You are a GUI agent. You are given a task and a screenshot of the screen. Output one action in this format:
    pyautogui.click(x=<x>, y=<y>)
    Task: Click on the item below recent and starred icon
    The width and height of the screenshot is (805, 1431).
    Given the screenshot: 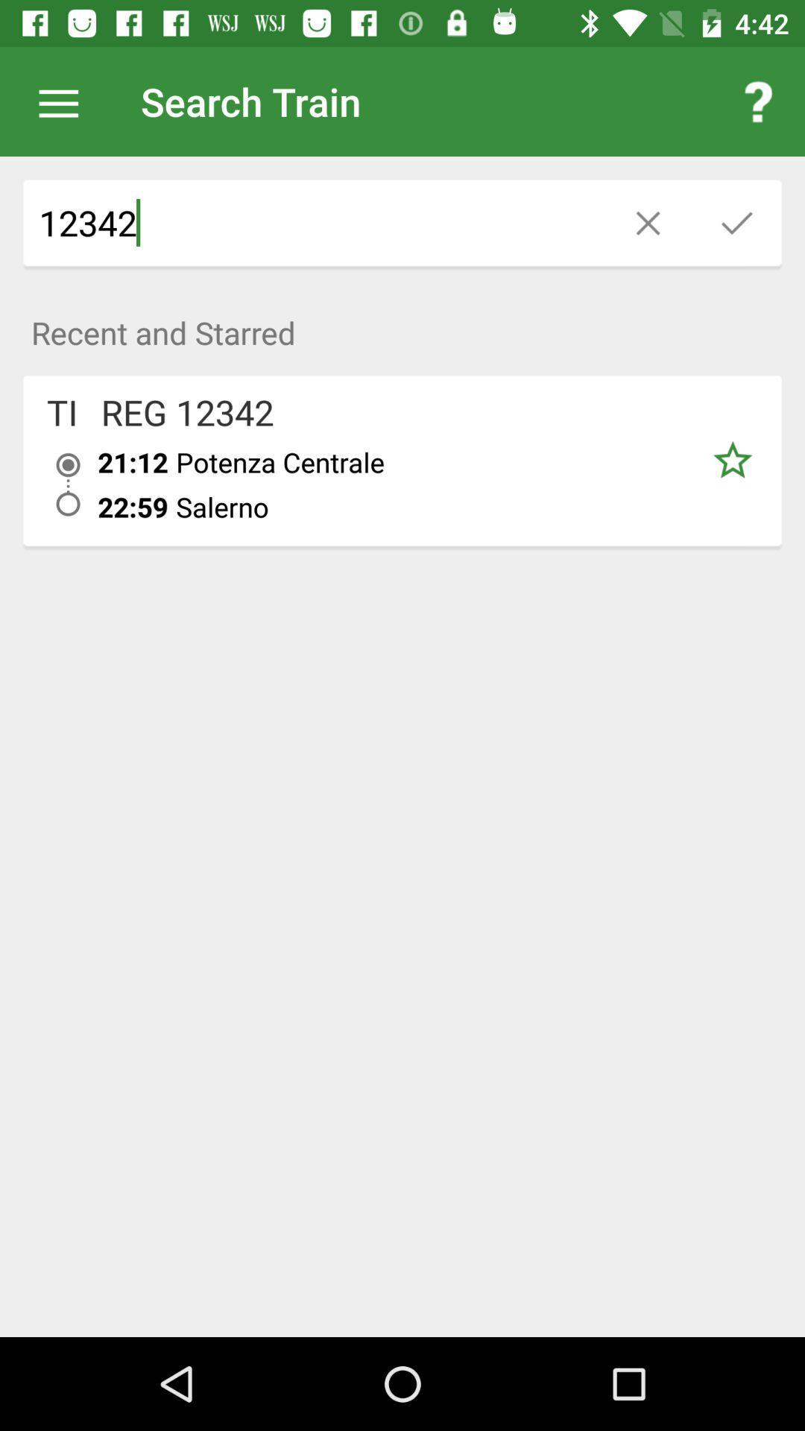 What is the action you would take?
    pyautogui.click(x=731, y=460)
    